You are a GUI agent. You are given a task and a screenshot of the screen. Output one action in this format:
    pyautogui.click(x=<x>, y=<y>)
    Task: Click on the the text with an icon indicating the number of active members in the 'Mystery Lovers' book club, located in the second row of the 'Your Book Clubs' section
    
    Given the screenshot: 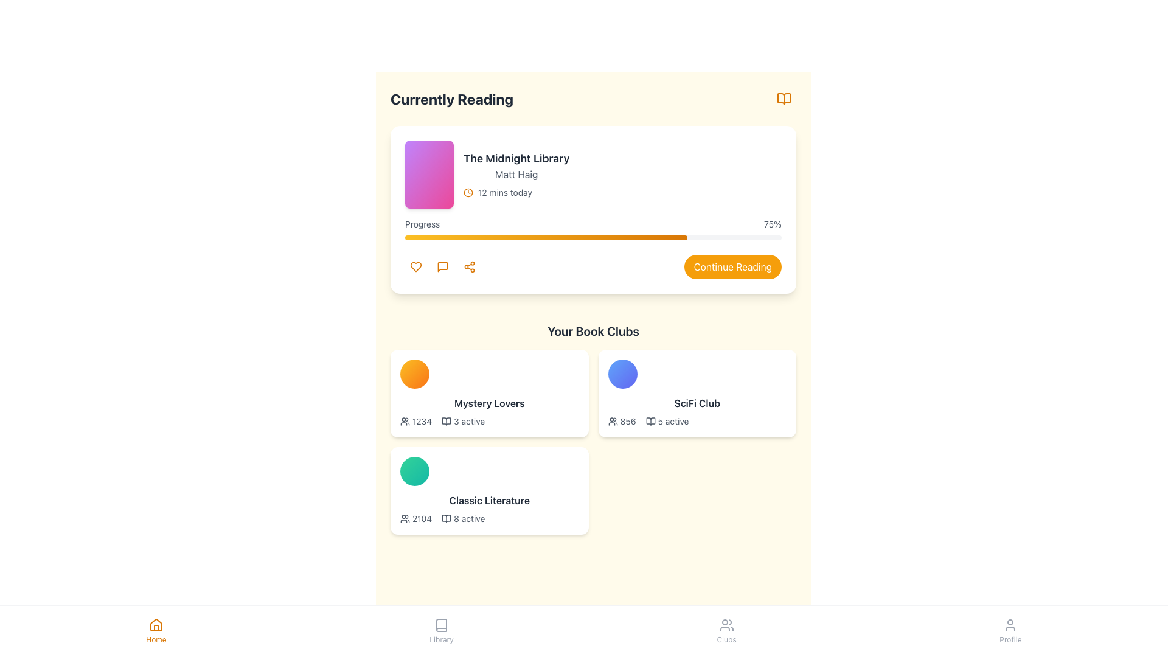 What is the action you would take?
    pyautogui.click(x=462, y=421)
    